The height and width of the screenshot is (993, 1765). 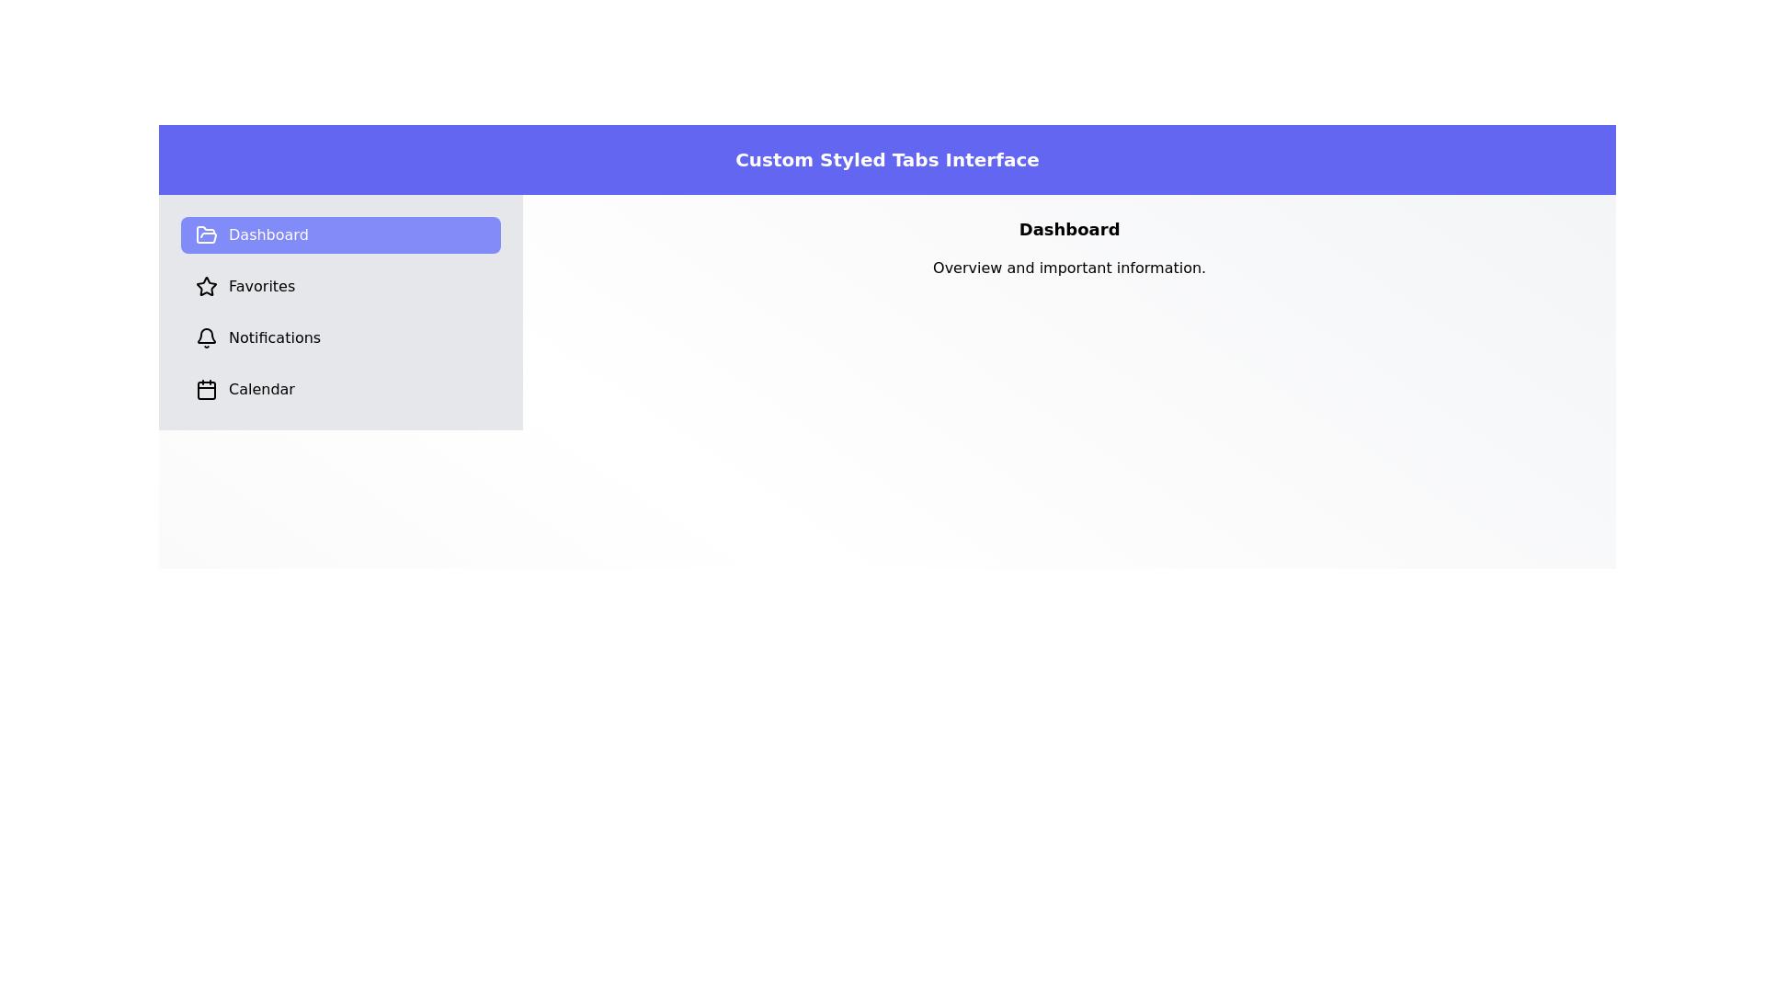 I want to click on the Dashboard tab to observe its content, so click(x=340, y=234).